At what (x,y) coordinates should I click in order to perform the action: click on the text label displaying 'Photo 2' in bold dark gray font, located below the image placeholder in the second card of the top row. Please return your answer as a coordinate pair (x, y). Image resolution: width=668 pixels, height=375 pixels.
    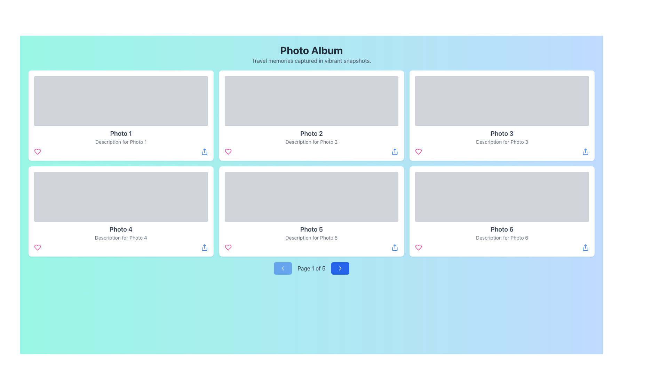
    Looking at the image, I should click on (311, 134).